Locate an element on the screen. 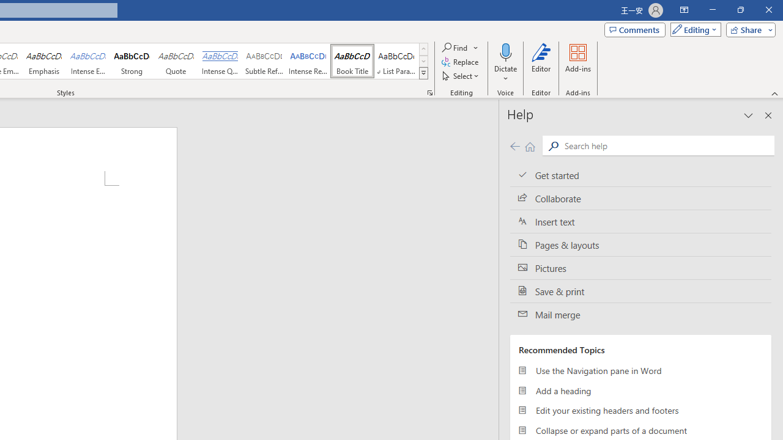  'Comments' is located at coordinates (635, 29).